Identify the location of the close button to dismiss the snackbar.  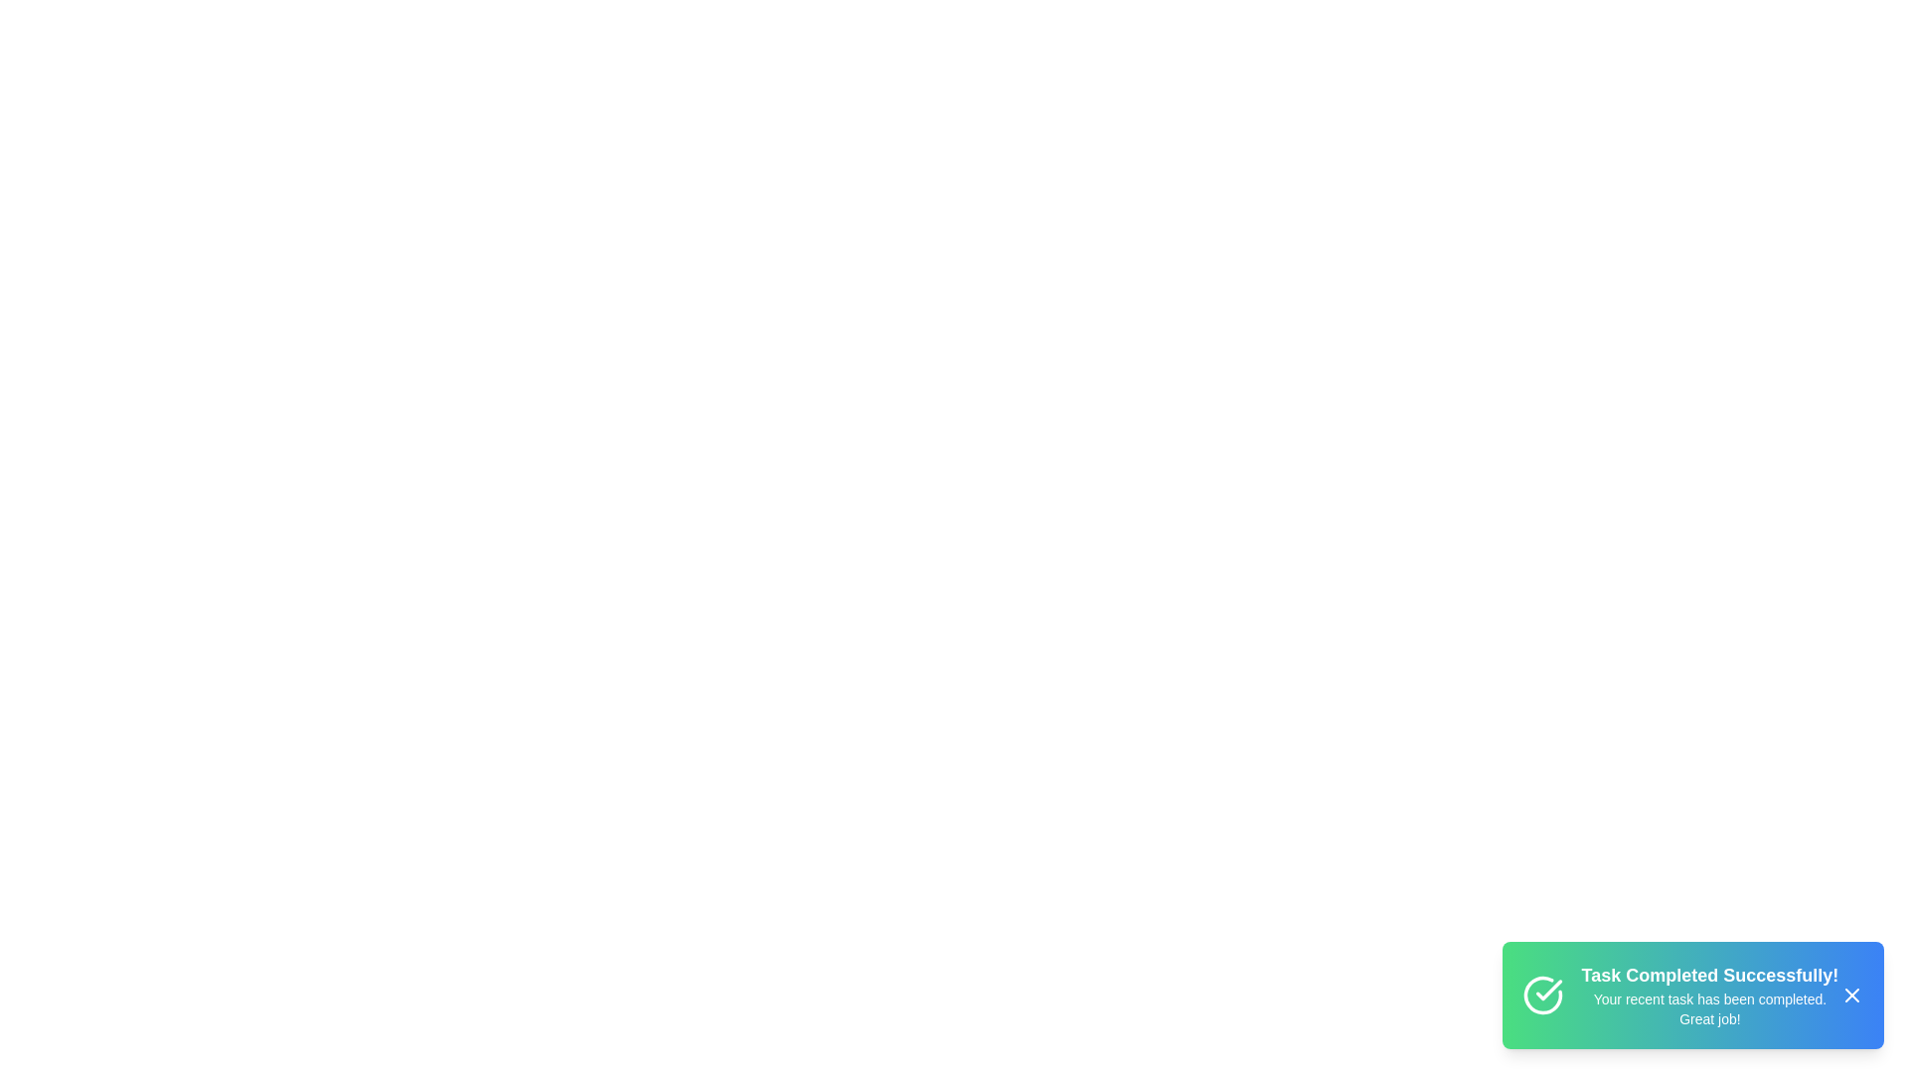
(1850, 996).